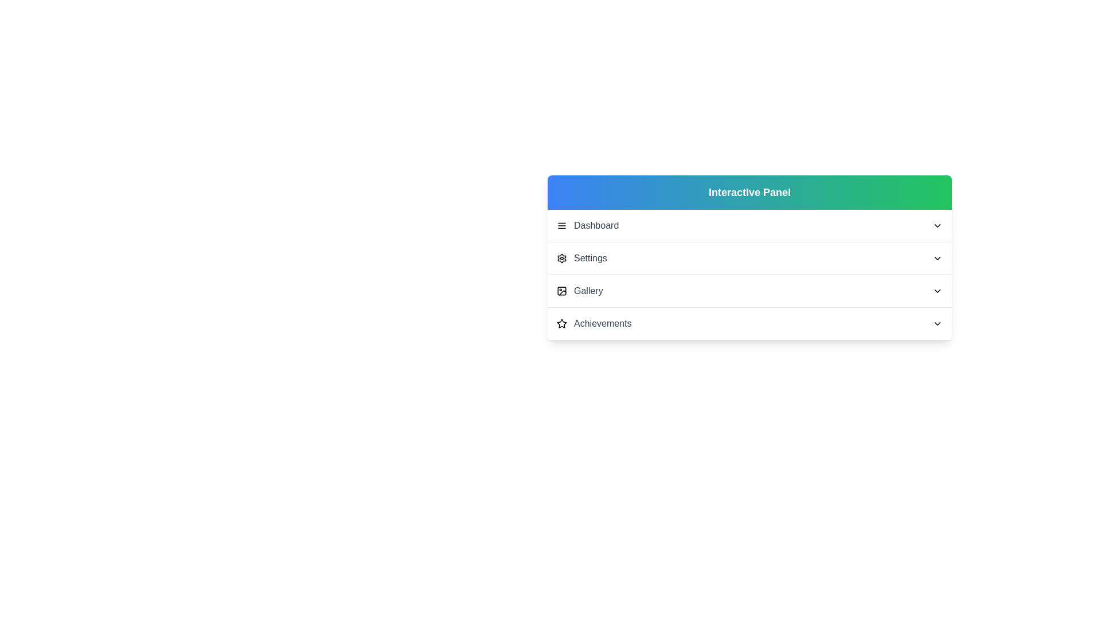  What do you see at coordinates (561, 291) in the screenshot?
I see `the small rectangular icon component with rounded corners located next to the 'Gallery' text in the third row of the interactive panel` at bounding box center [561, 291].